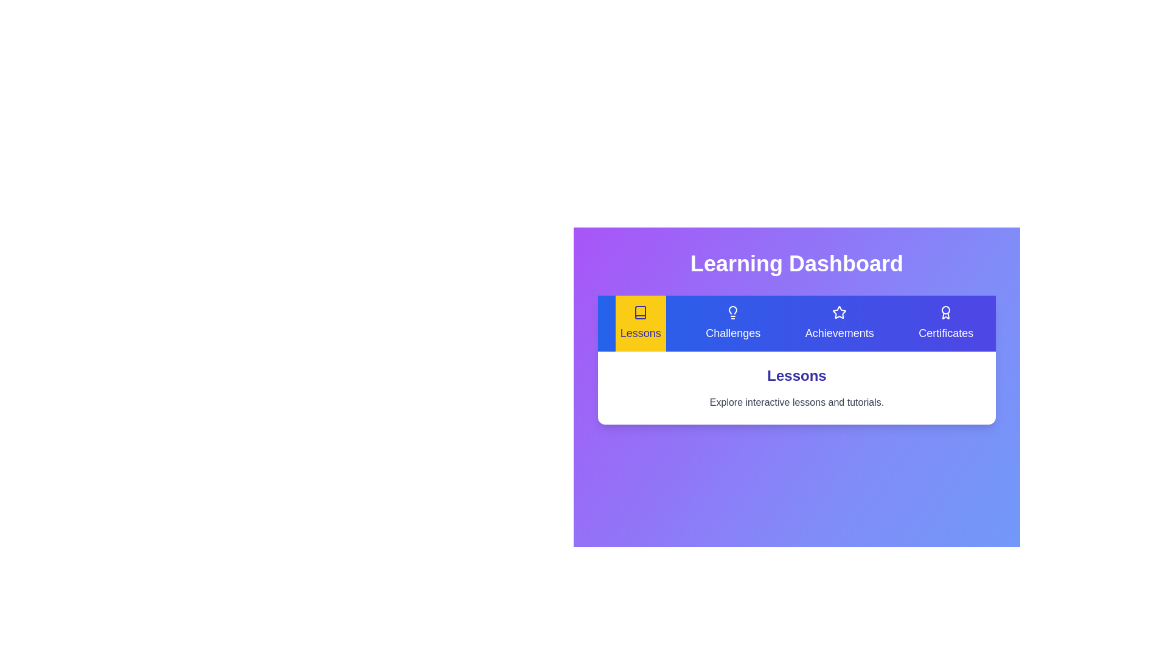 The height and width of the screenshot is (657, 1168). Describe the element at coordinates (945, 311) in the screenshot. I see `the icon of the tab labeled Certificates` at that location.